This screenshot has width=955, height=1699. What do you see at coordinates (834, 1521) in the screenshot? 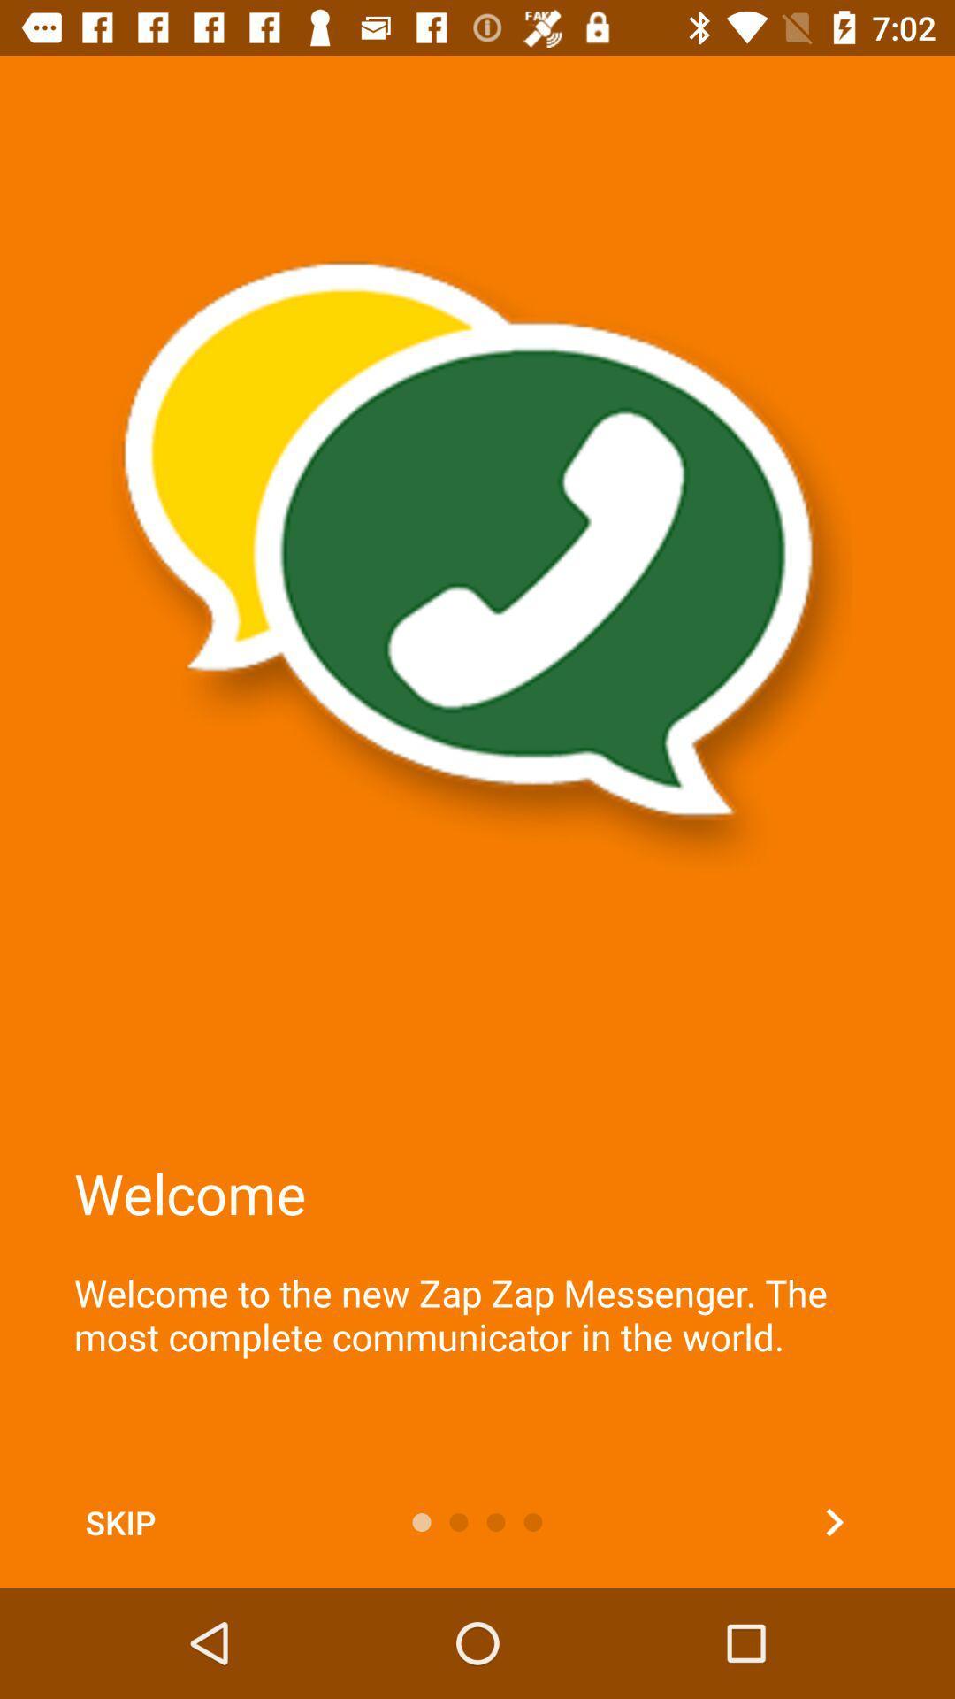
I see `advance to the next slide` at bounding box center [834, 1521].